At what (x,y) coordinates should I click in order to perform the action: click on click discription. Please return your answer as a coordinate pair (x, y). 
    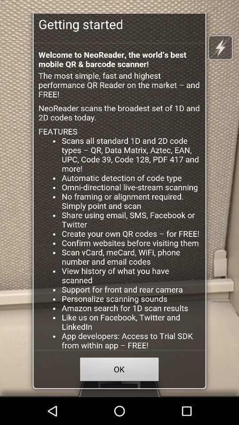
    Looking at the image, I should click on (119, 197).